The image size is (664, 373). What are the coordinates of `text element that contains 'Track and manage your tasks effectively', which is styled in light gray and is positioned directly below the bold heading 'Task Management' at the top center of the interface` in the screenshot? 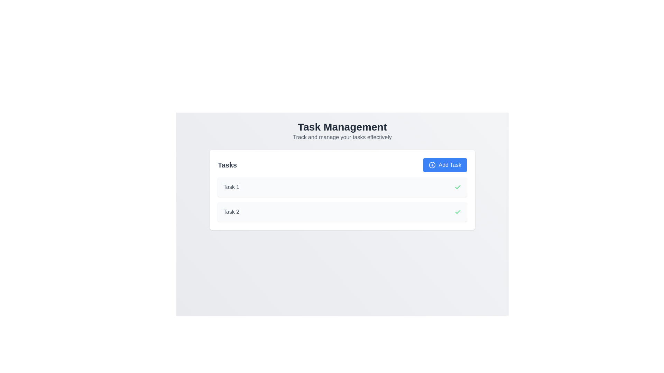 It's located at (342, 137).